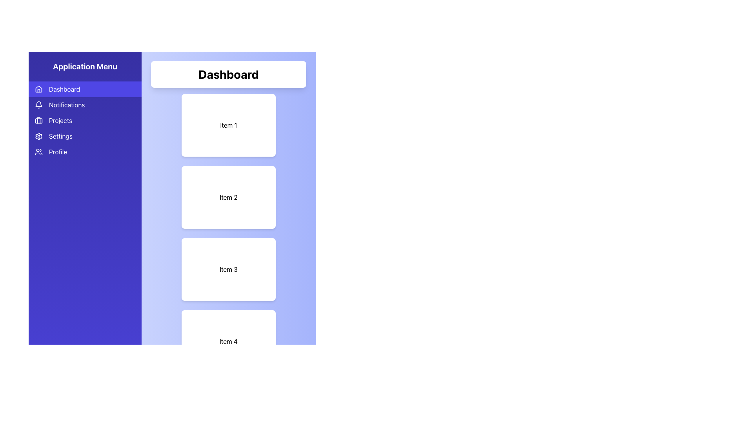 The width and height of the screenshot is (753, 423). Describe the element at coordinates (58, 152) in the screenshot. I see `the 'Profile' menu item located at the bottom of the navigation menu` at that location.